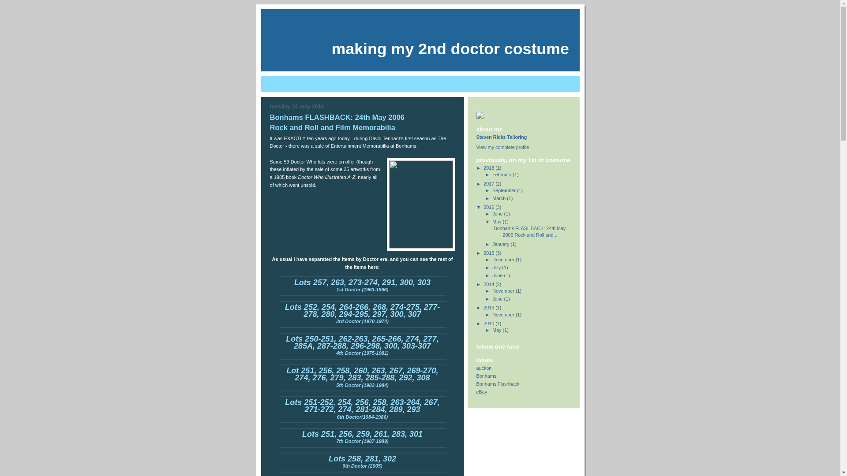  What do you see at coordinates (476, 391) in the screenshot?
I see `'eBay'` at bounding box center [476, 391].